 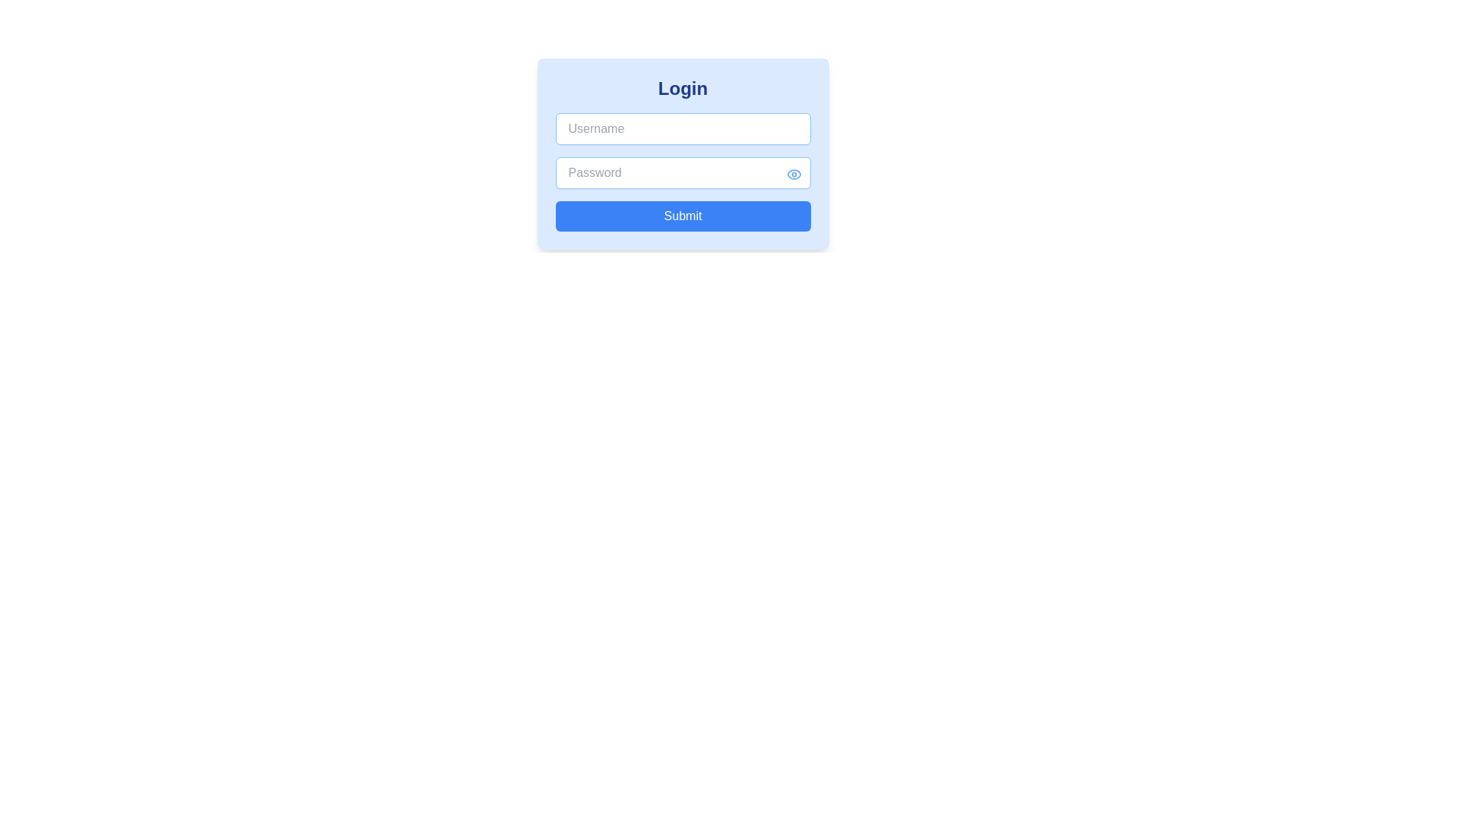 I want to click on the submission button located at the bottom of the login form, so click(x=682, y=216).